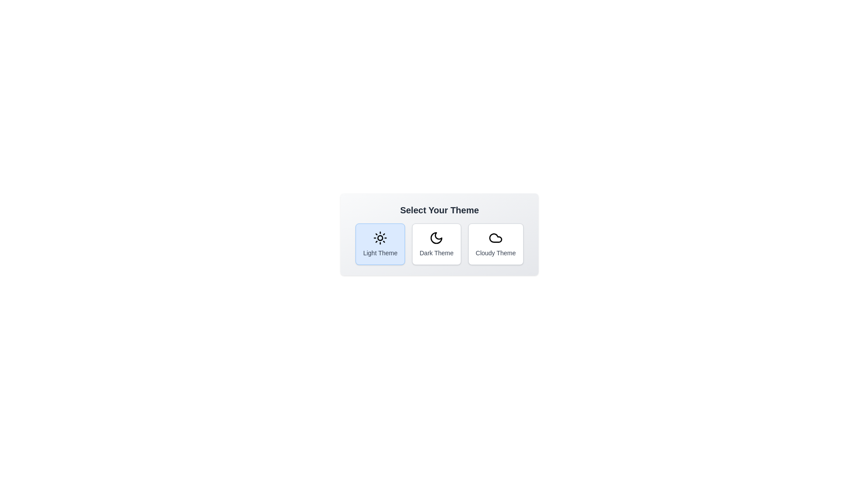  I want to click on the SVG sun icon located in the 'Light Theme' section, which features a circular core and radial lines, positioned at the center of the 'Light Theme' card, so click(380, 238).